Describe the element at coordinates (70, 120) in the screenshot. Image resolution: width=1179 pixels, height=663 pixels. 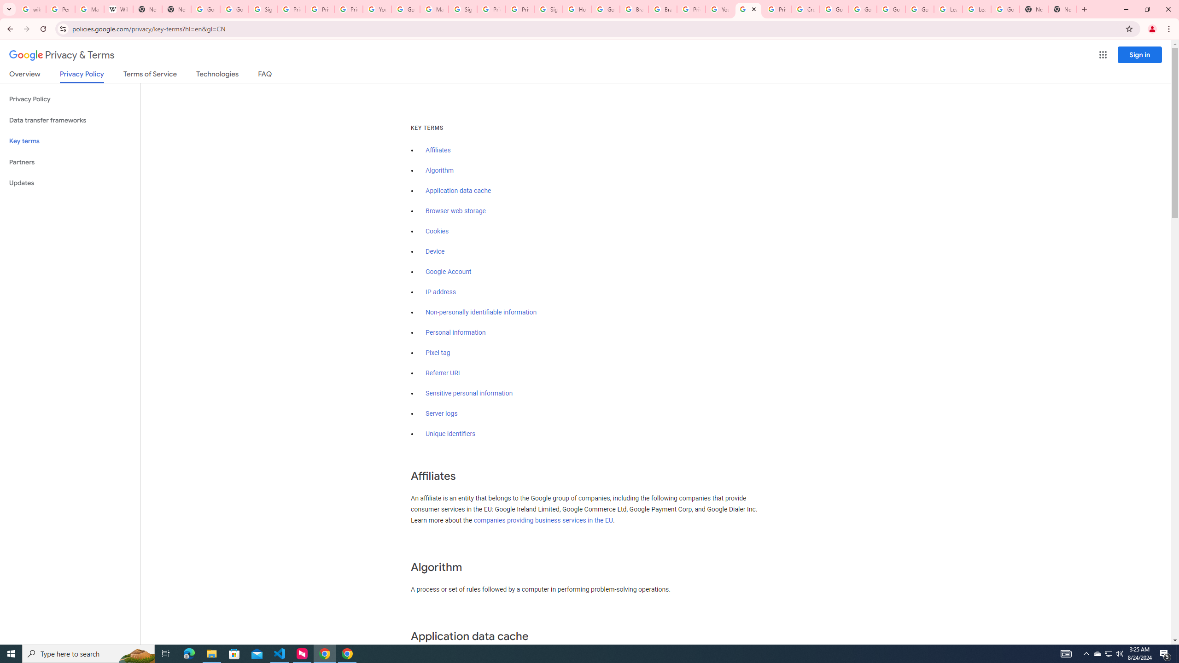
I see `'Data transfer frameworks'` at that location.